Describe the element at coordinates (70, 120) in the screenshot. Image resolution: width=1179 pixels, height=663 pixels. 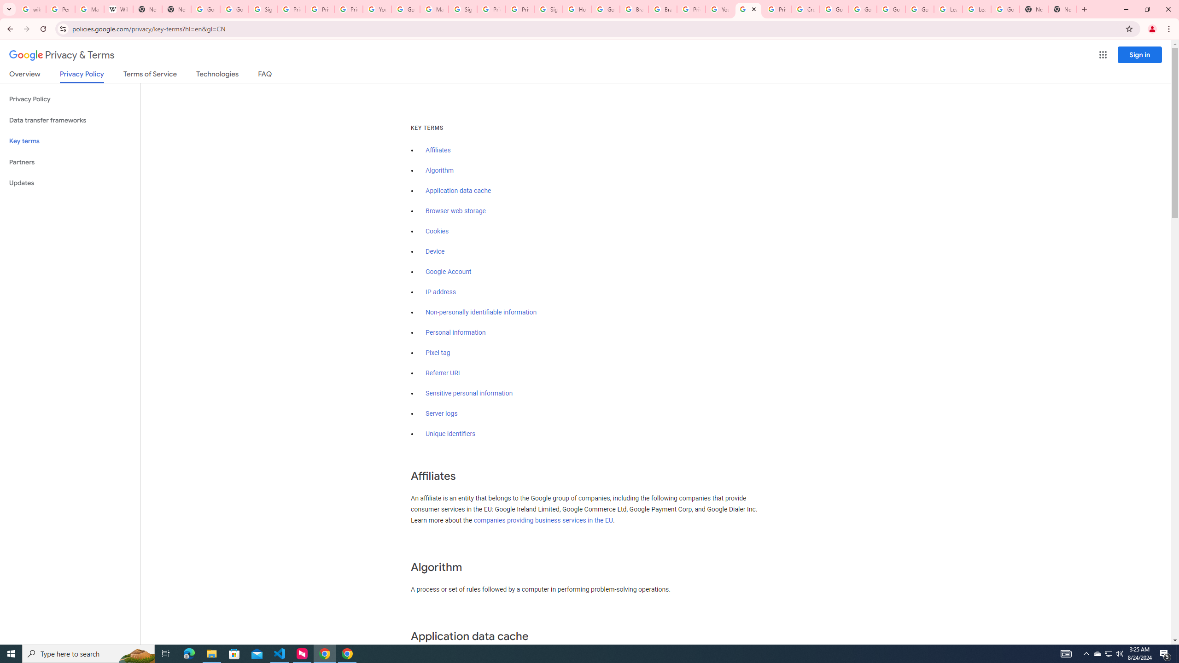
I see `'Data transfer frameworks'` at that location.